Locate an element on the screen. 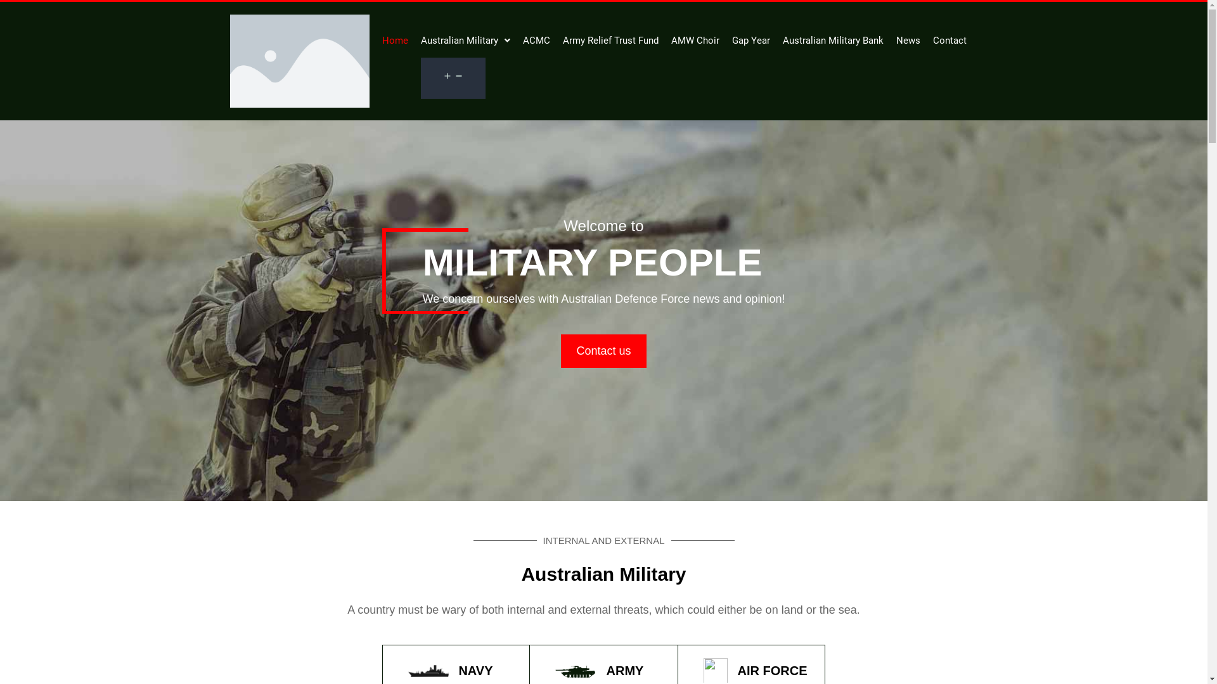 The width and height of the screenshot is (1217, 684). 'News' is located at coordinates (908, 40).